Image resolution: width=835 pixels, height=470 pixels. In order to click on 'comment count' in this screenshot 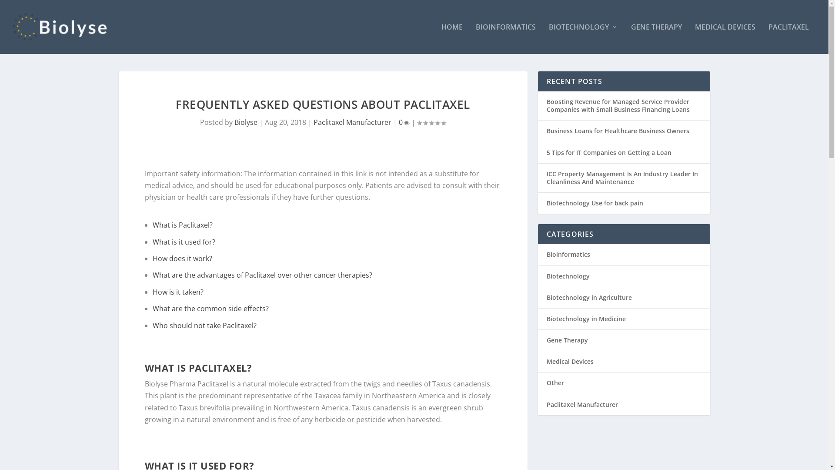, I will do `click(404, 123)`.